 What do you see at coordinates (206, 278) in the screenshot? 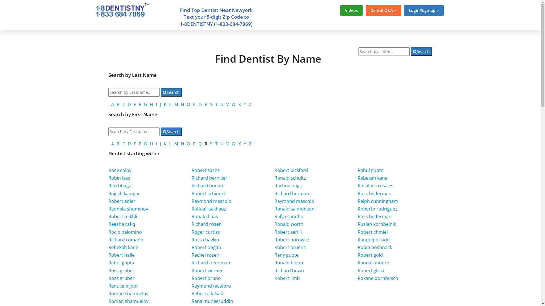
I see `'Robert bruno'` at bounding box center [206, 278].